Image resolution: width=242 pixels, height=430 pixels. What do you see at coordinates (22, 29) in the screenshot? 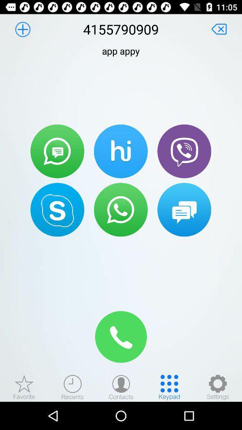
I see `plus button` at bounding box center [22, 29].